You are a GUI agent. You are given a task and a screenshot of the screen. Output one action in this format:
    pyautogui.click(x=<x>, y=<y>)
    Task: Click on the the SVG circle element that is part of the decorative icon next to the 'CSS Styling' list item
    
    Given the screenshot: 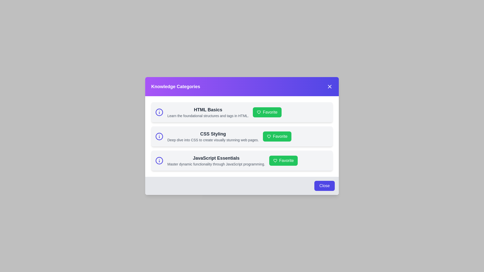 What is the action you would take?
    pyautogui.click(x=159, y=137)
    